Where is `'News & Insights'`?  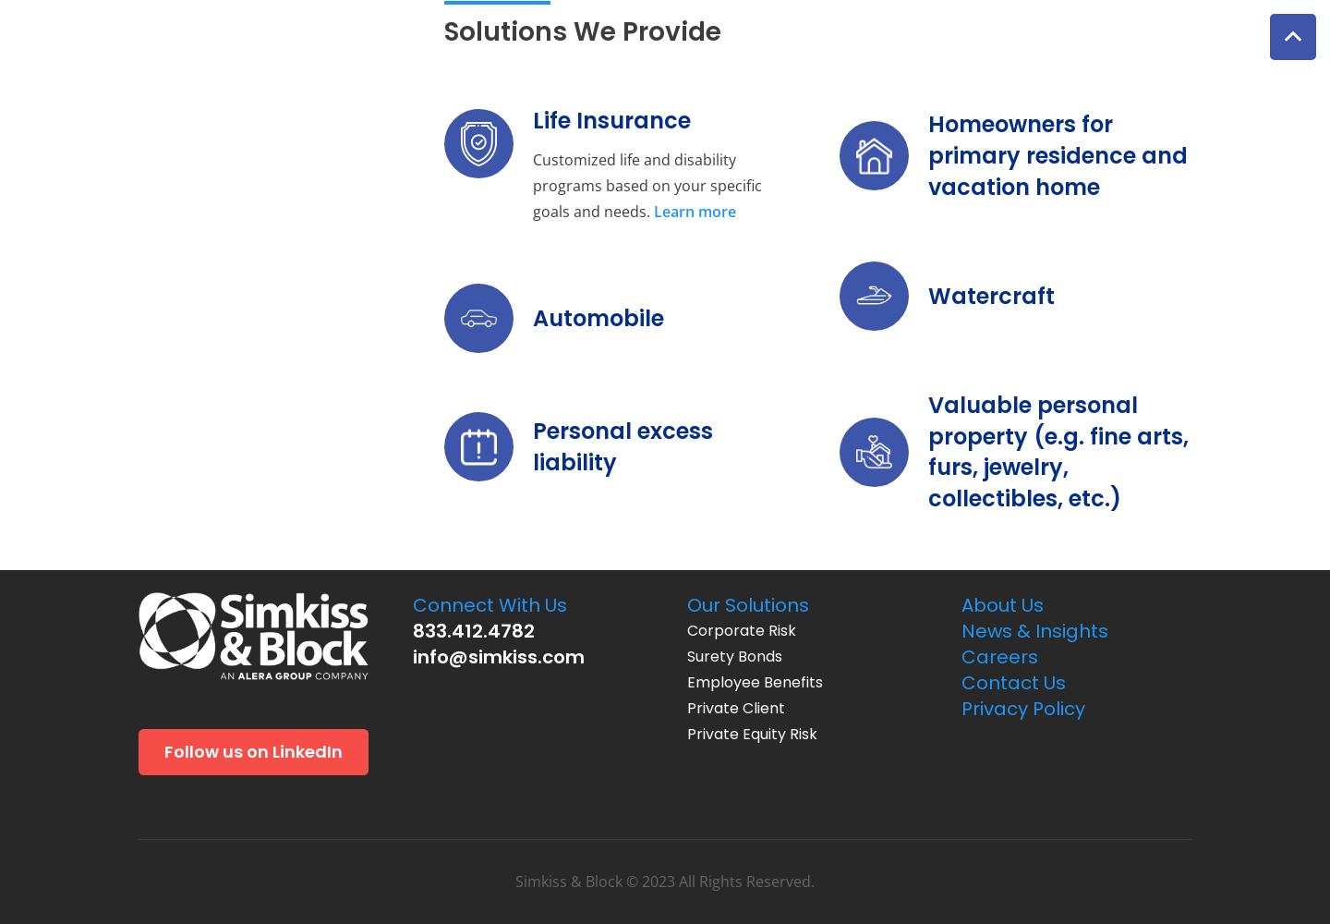
'News & Insights' is located at coordinates (1034, 631).